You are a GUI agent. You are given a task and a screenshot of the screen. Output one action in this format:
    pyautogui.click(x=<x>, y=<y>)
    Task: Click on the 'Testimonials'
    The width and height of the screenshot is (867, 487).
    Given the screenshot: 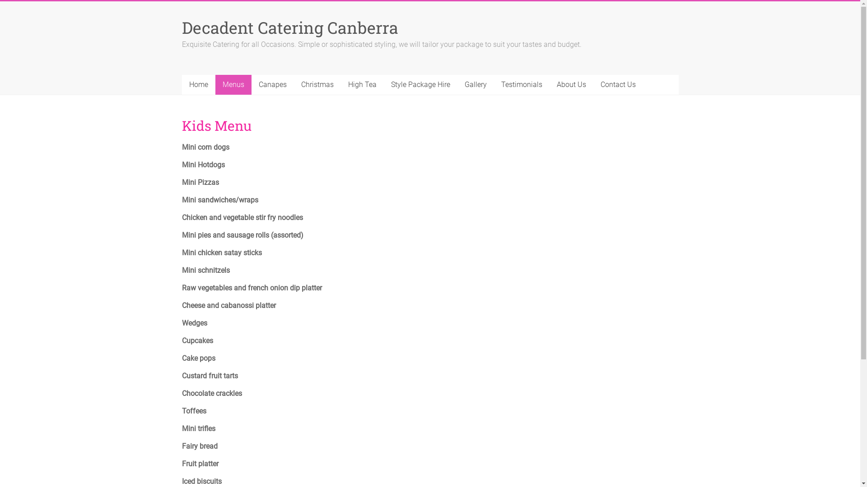 What is the action you would take?
    pyautogui.click(x=522, y=85)
    